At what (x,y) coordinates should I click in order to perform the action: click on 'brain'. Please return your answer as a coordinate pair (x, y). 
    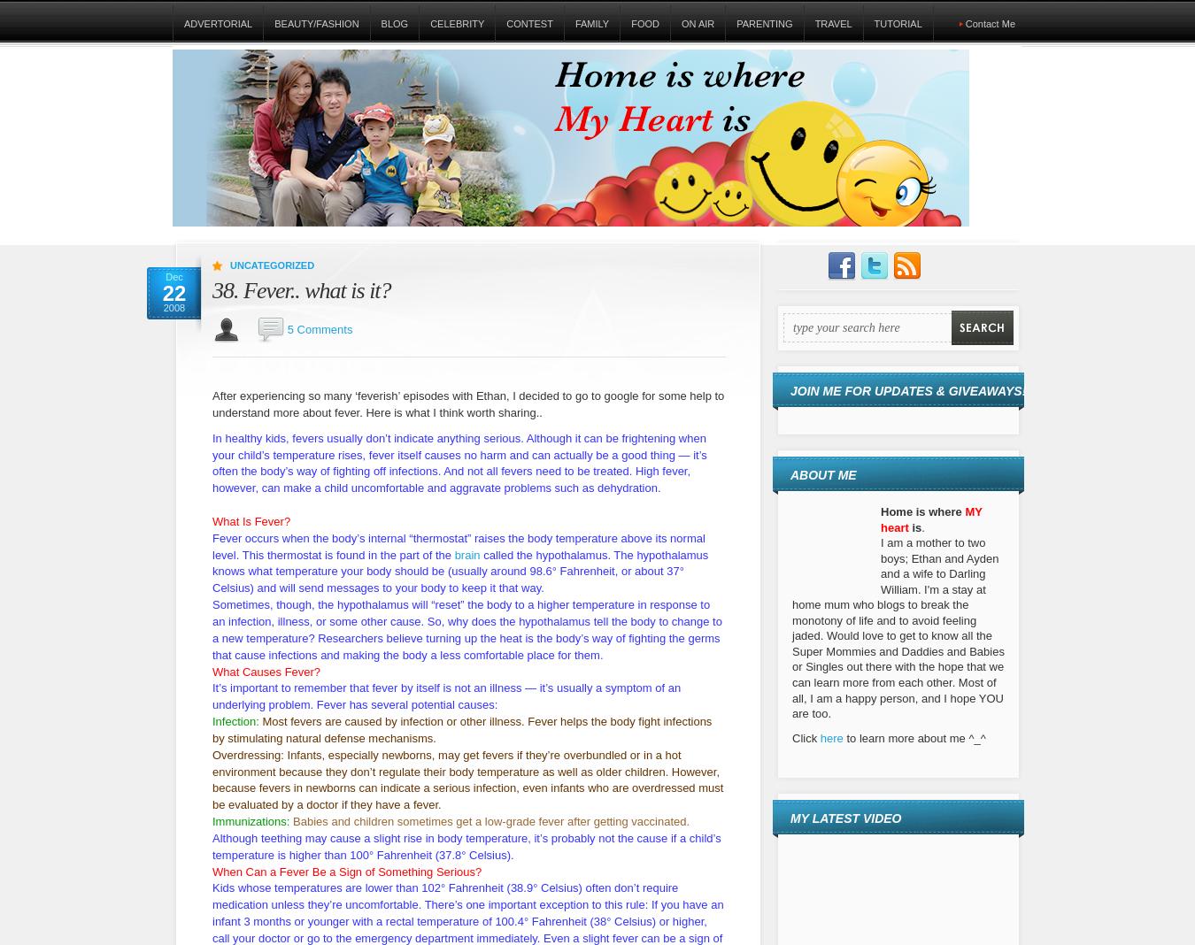
    Looking at the image, I should click on (453, 553).